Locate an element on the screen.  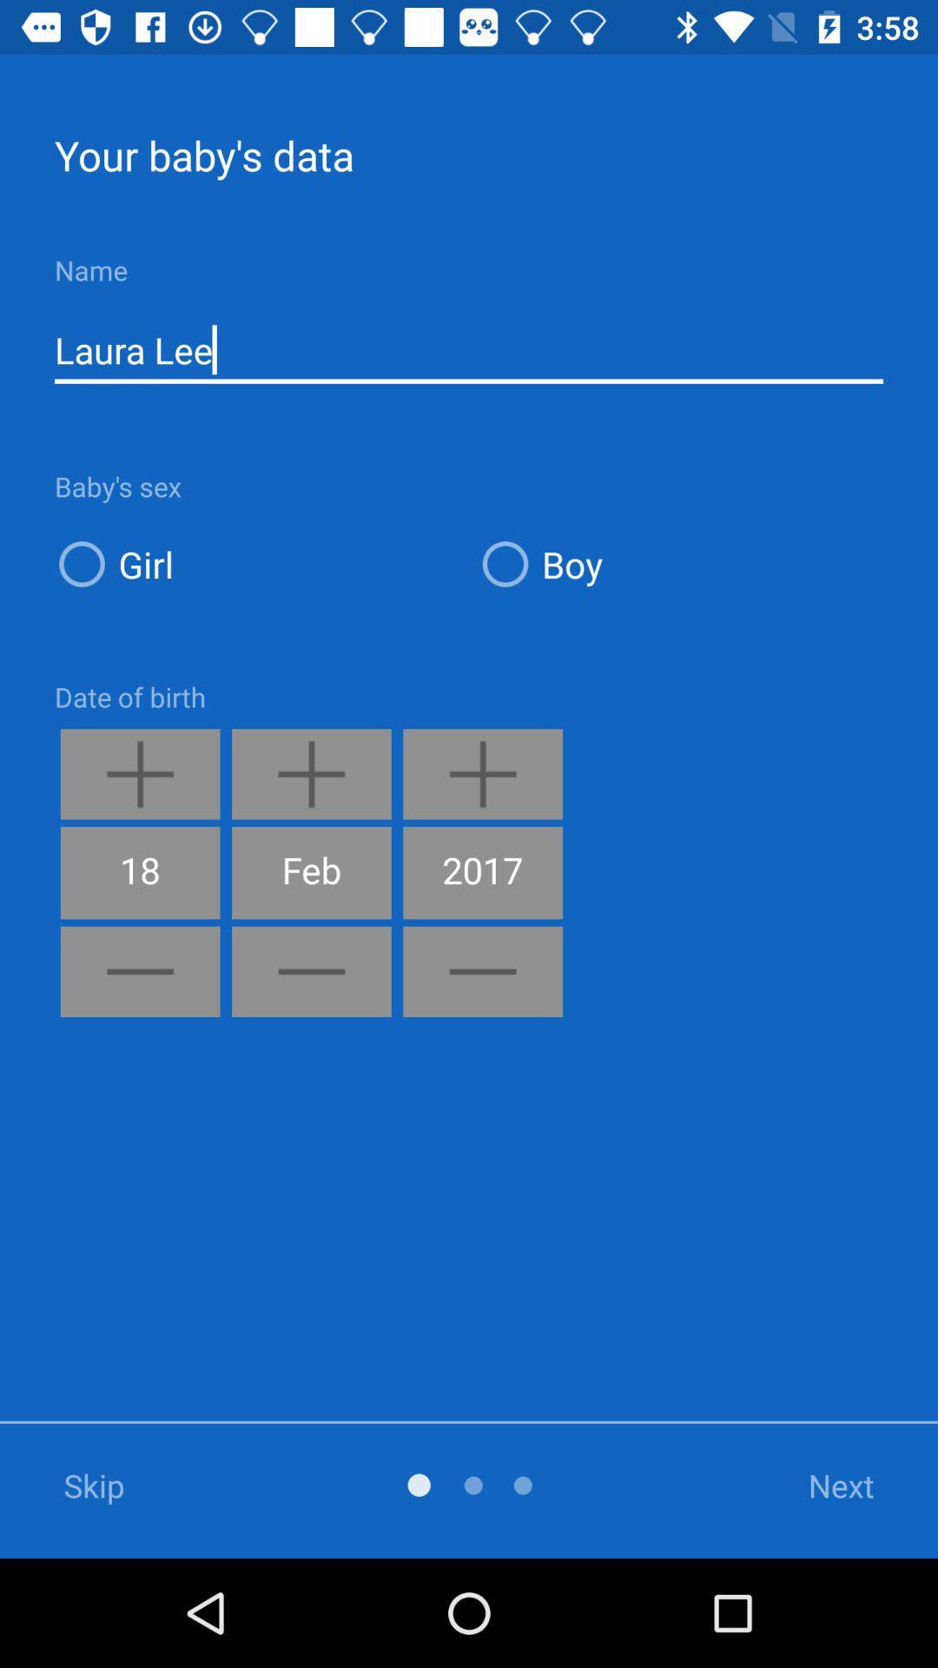
the laura lee is located at coordinates (469, 349).